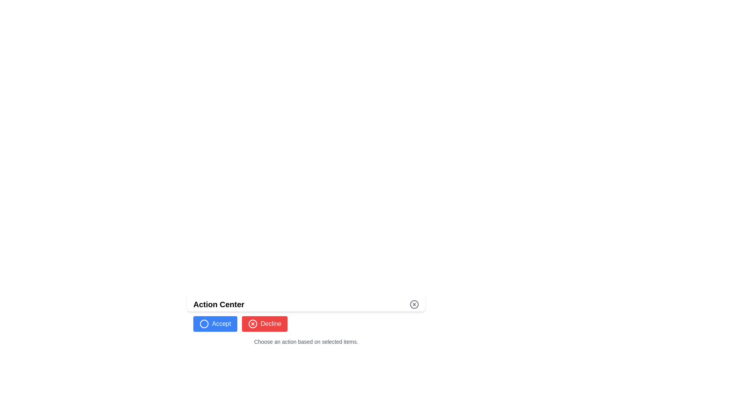 The height and width of the screenshot is (420, 747). What do you see at coordinates (215, 324) in the screenshot?
I see `the 'Accept' button located in the lower section of the interface` at bounding box center [215, 324].